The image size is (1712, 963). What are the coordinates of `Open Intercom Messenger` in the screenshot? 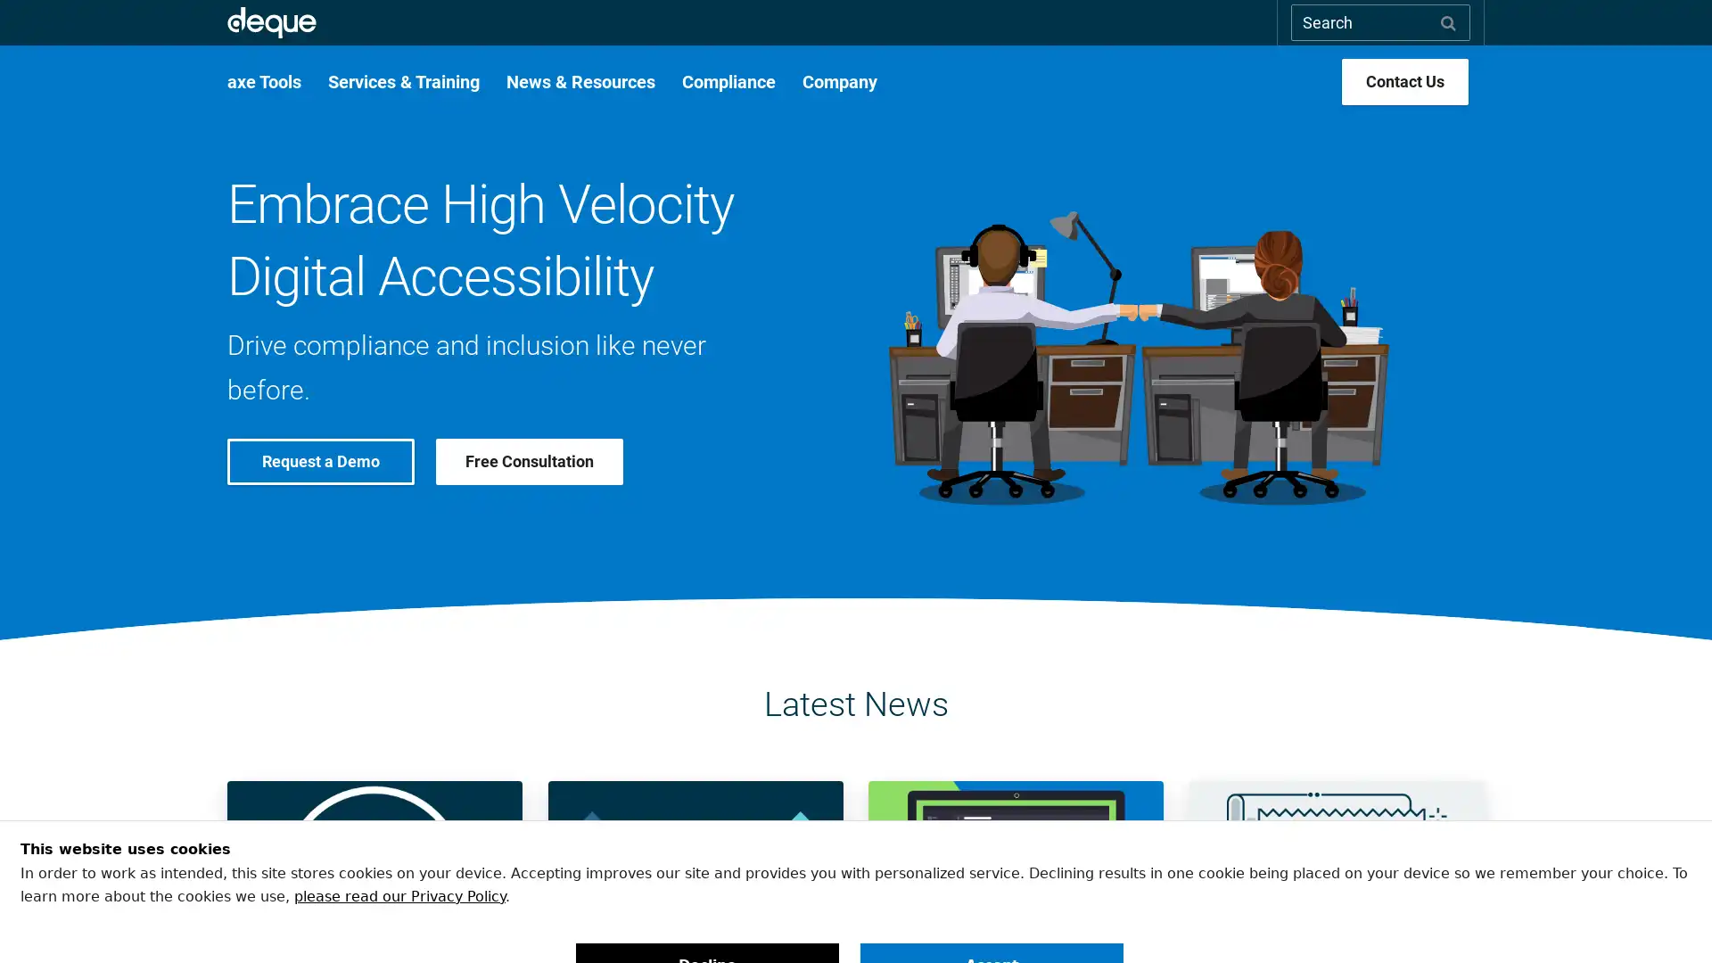 It's located at (1667, 918).